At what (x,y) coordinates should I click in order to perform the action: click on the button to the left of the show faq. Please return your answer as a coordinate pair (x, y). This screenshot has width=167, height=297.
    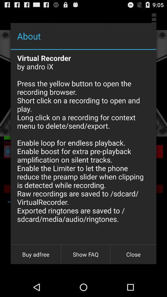
    Looking at the image, I should click on (36, 254).